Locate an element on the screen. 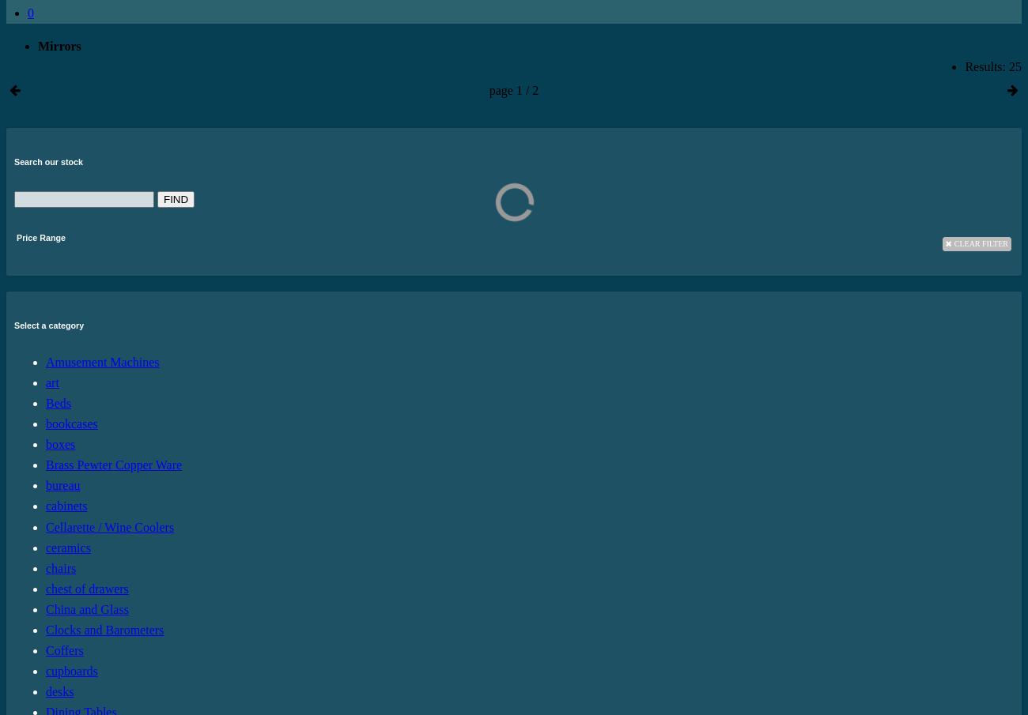 The width and height of the screenshot is (1028, 715). 'boxes' is located at coordinates (60, 444).